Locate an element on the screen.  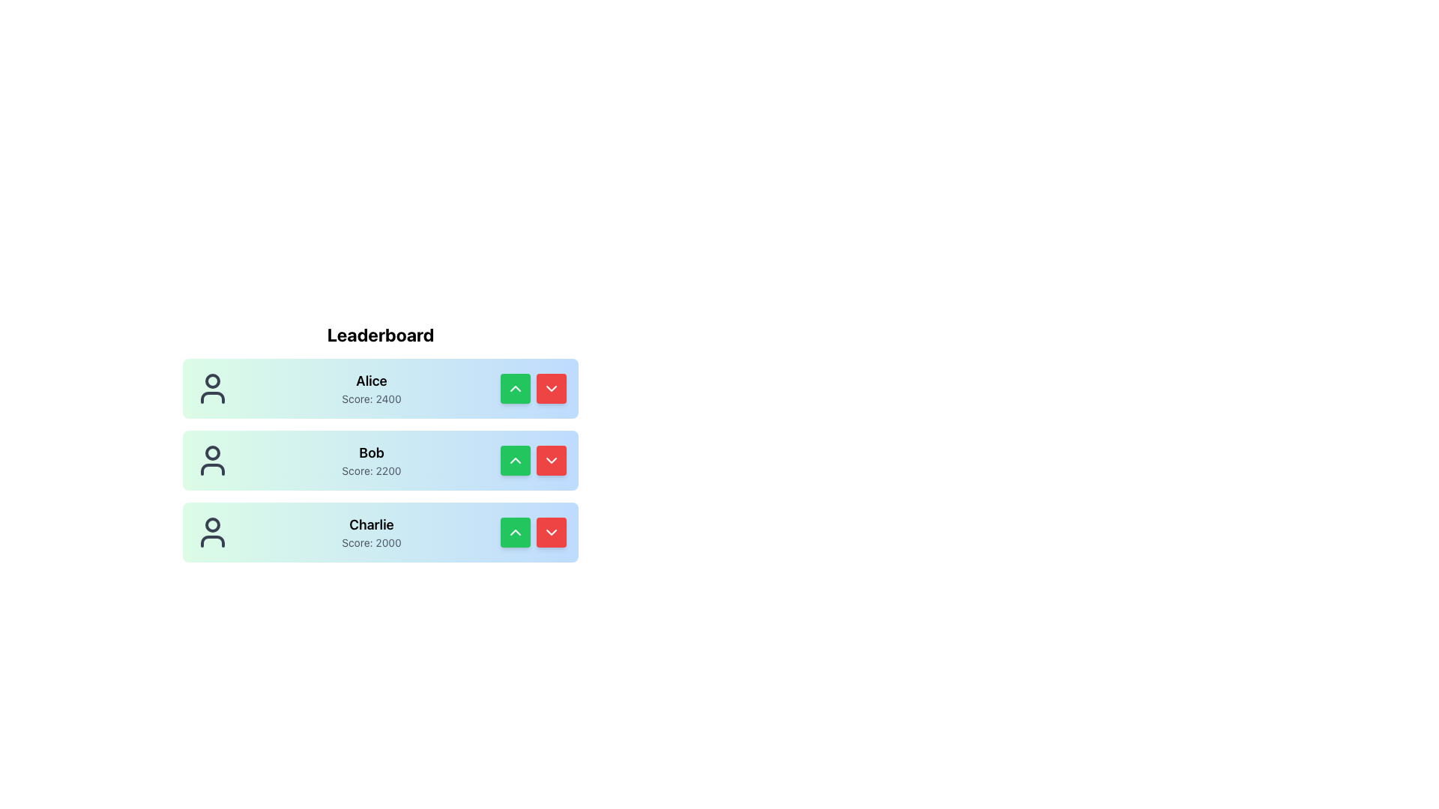
the static content display showing the name 'Charlie' with a score of '2000', which is the third item in the leaderboard list is located at coordinates (371, 531).